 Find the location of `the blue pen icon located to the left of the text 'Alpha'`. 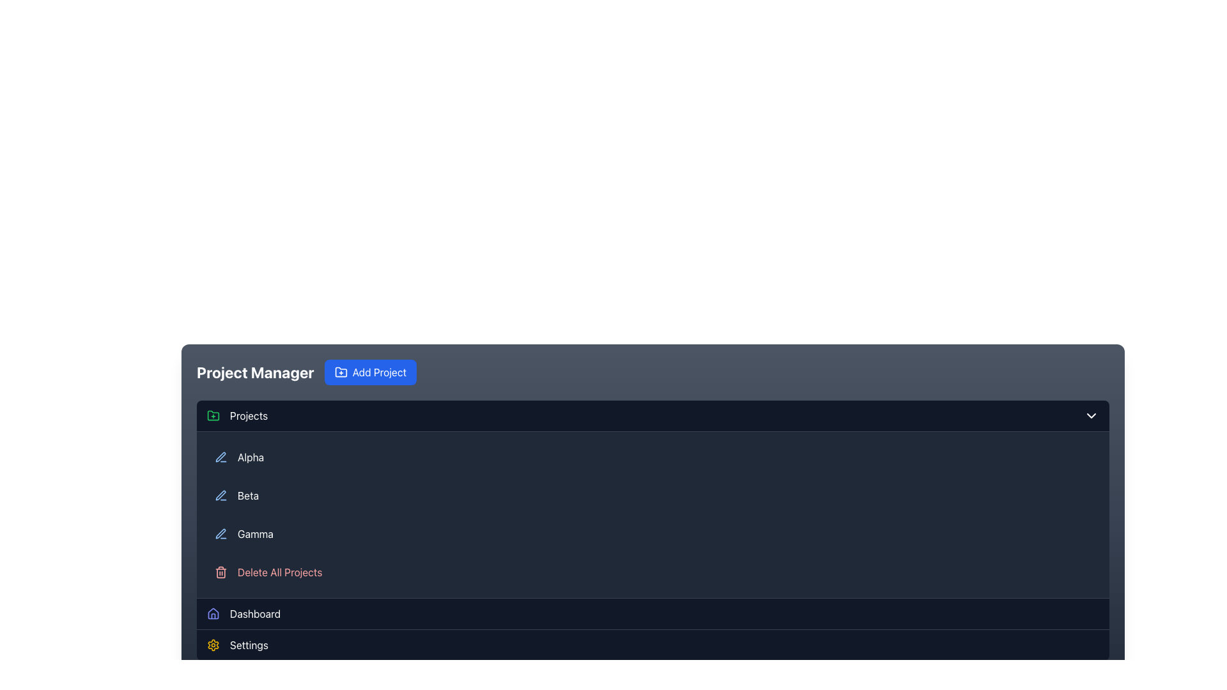

the blue pen icon located to the left of the text 'Alpha' is located at coordinates (220, 457).